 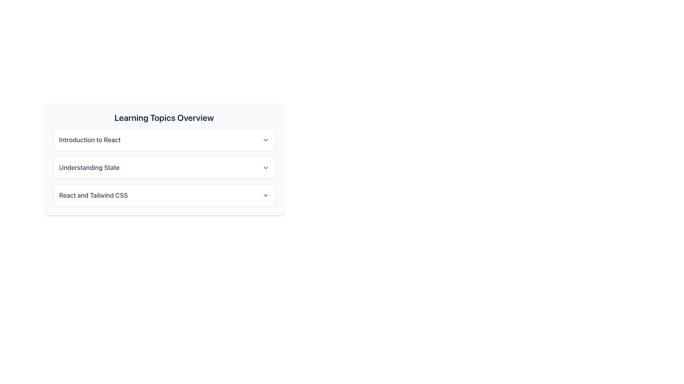 I want to click on text label displaying 'Introduction to React', which is styled in gray and bold, located at the top of the learning topics section, so click(x=89, y=140).